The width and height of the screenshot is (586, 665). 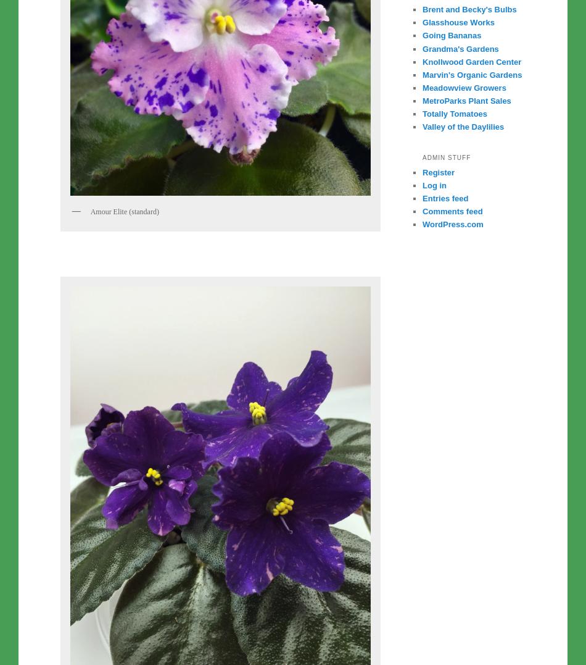 I want to click on 'Knollwood Garden Center', so click(x=471, y=61).